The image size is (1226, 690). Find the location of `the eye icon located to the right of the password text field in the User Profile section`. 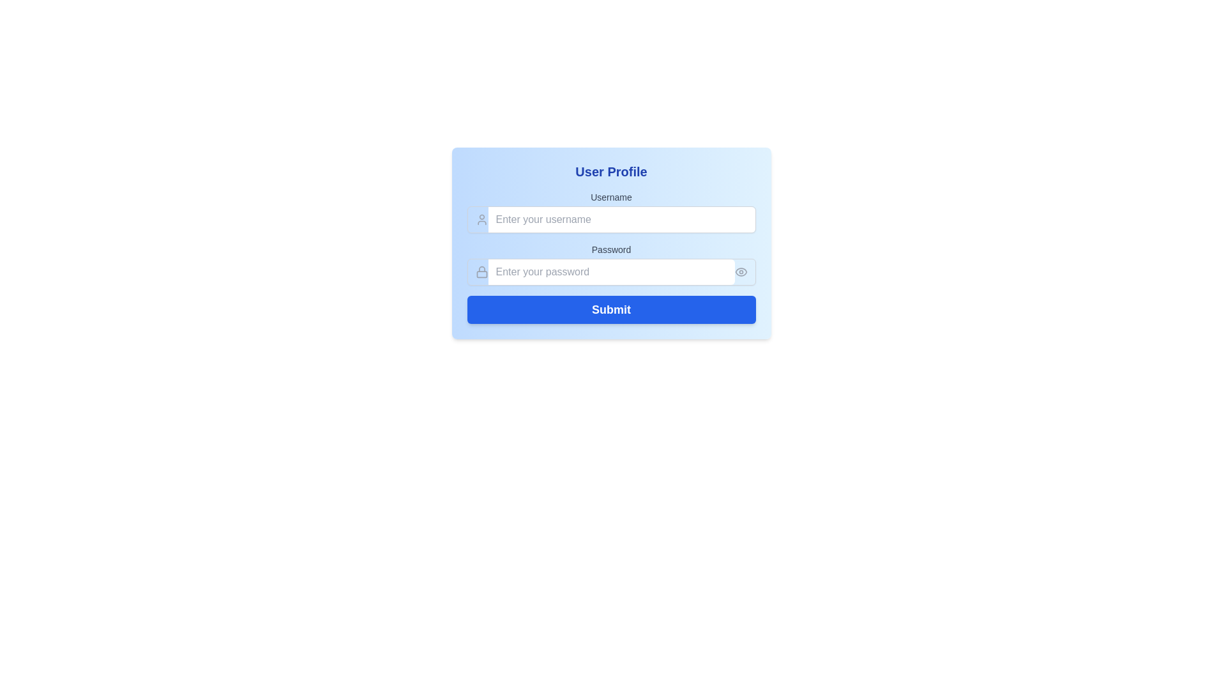

the eye icon located to the right of the password text field in the User Profile section is located at coordinates (741, 271).